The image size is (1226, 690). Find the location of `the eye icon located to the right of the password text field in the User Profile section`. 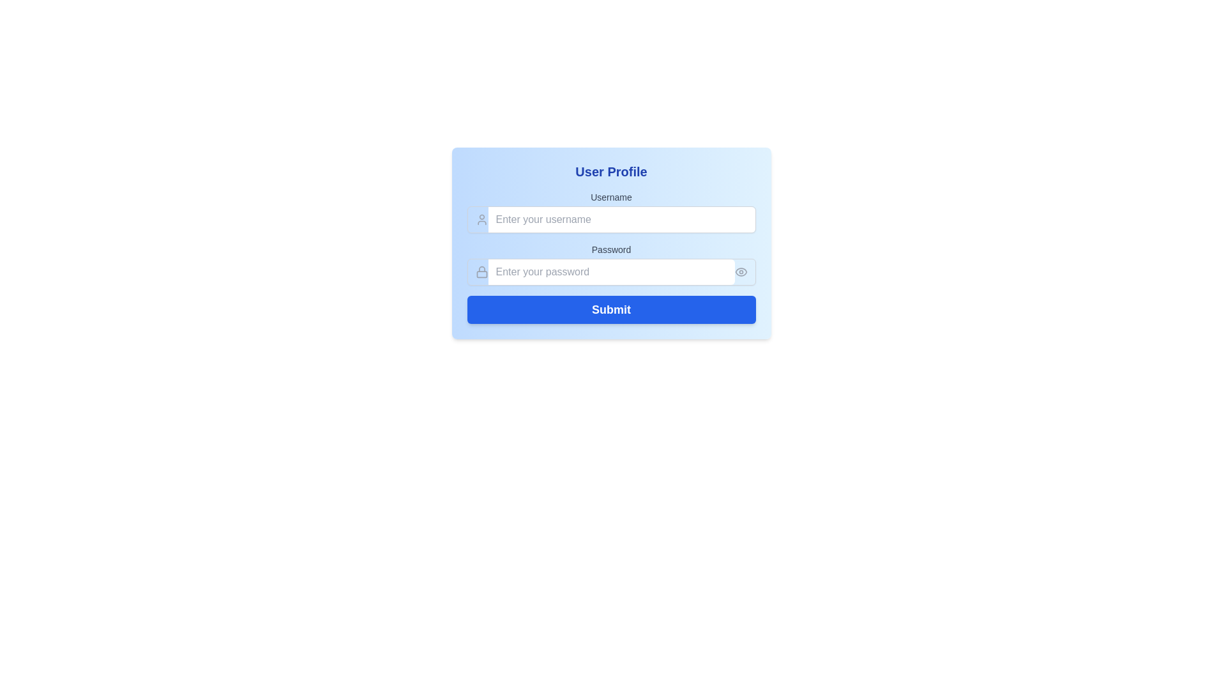

the eye icon located to the right of the password text field in the User Profile section is located at coordinates (741, 271).